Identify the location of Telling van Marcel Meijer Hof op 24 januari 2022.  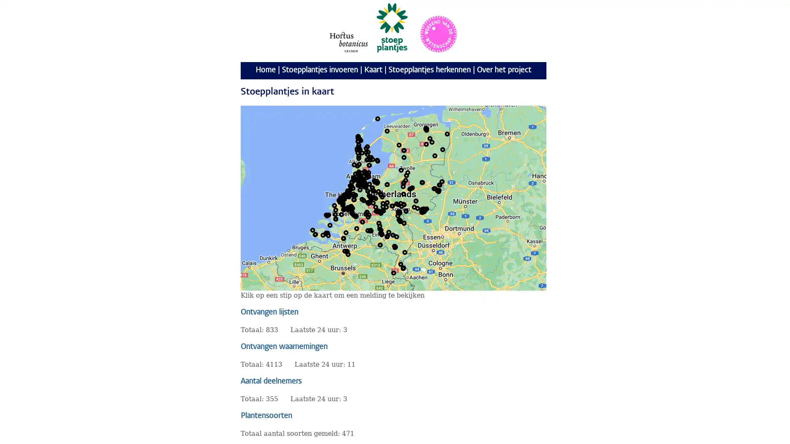
(438, 190).